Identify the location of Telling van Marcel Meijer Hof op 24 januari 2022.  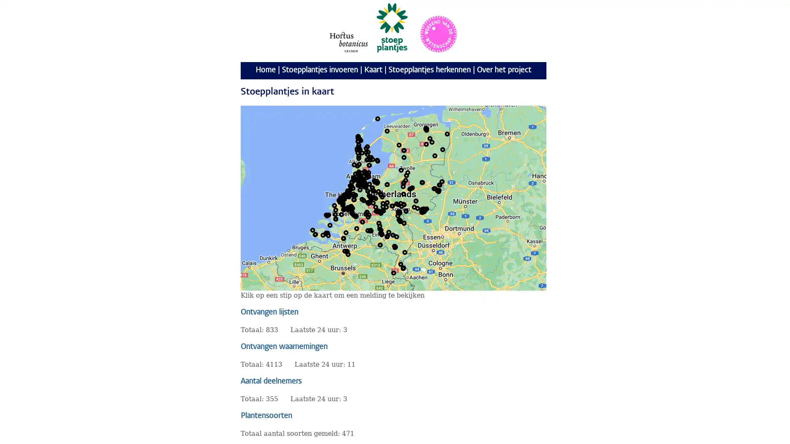
(438, 190).